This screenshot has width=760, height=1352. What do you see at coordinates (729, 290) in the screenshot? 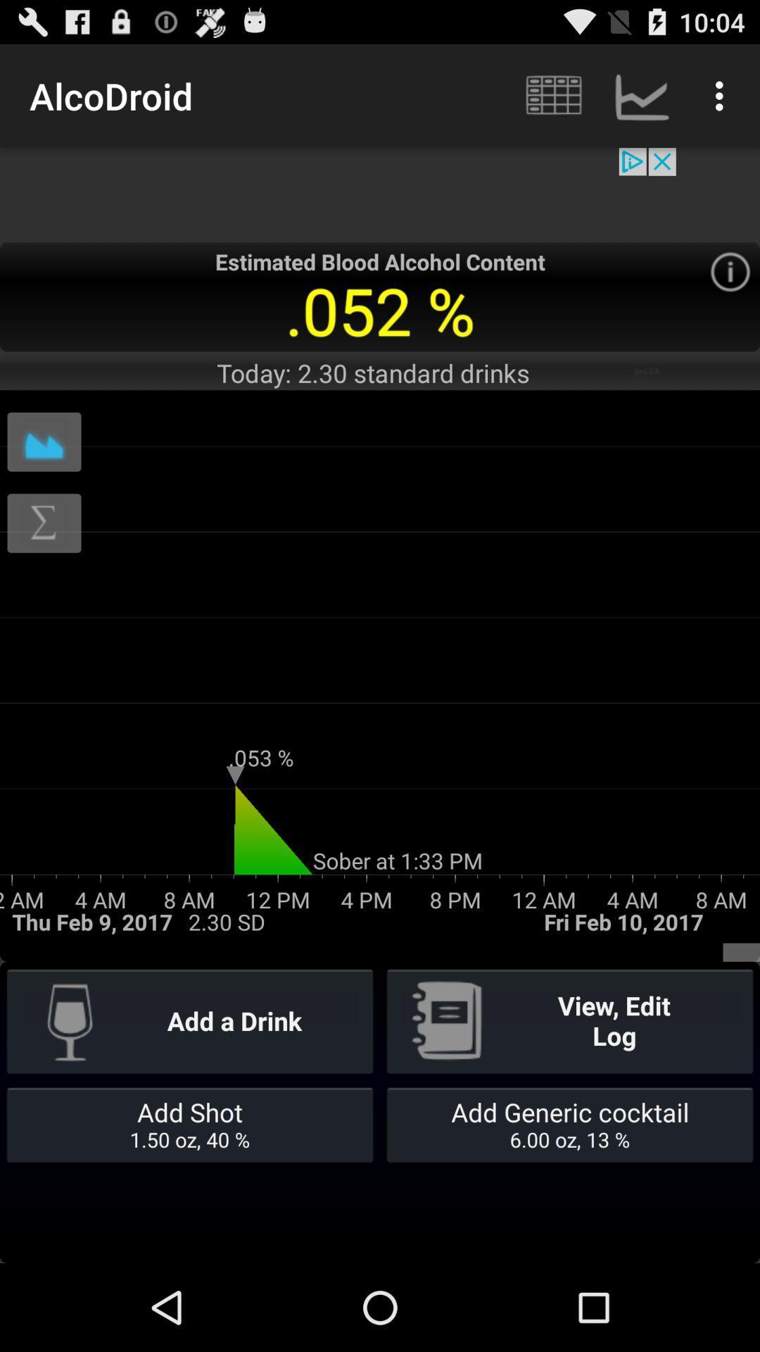
I see `the info icon` at bounding box center [729, 290].